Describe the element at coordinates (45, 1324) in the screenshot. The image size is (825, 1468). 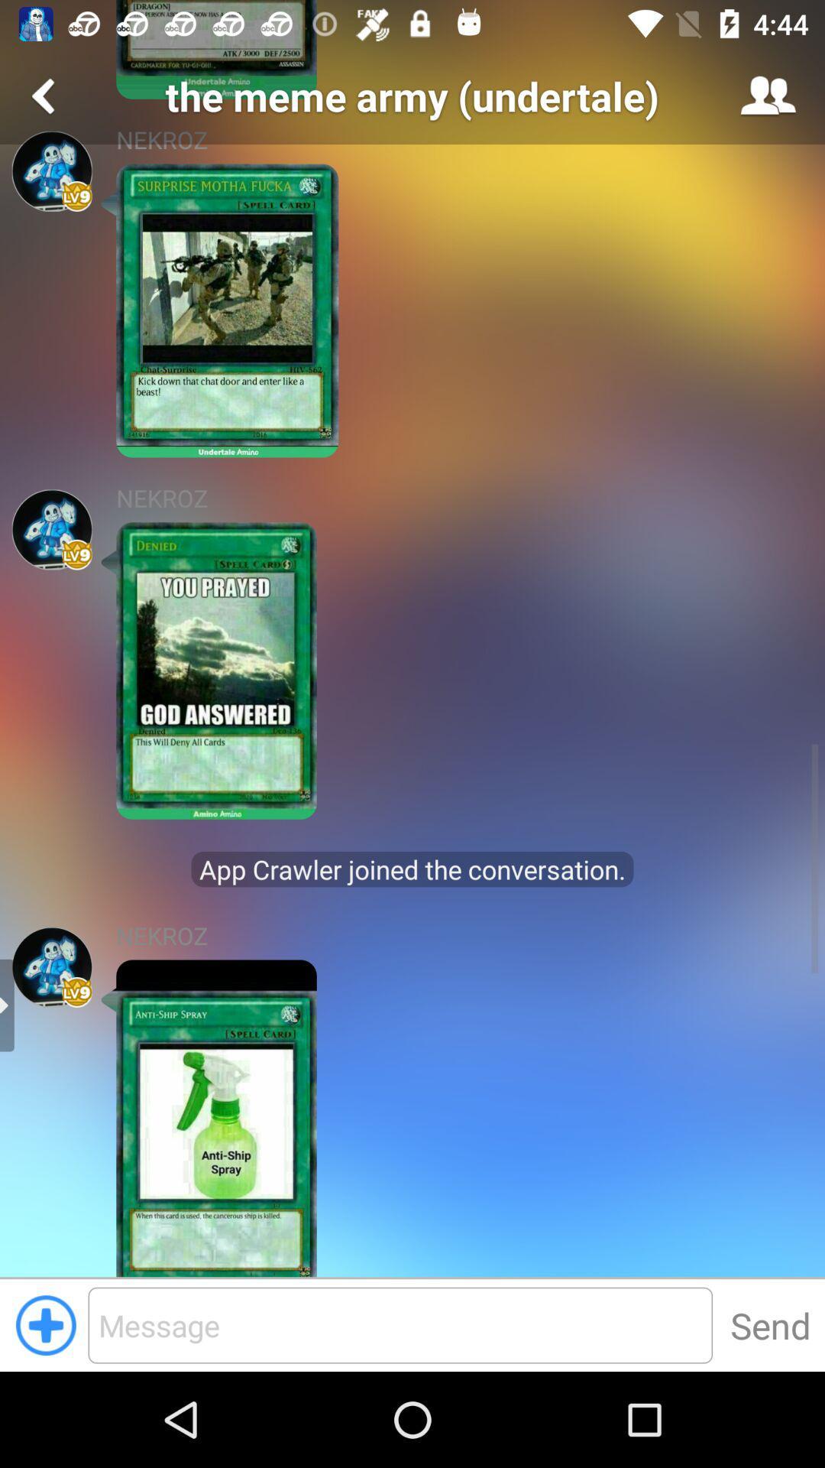
I see `option` at that location.